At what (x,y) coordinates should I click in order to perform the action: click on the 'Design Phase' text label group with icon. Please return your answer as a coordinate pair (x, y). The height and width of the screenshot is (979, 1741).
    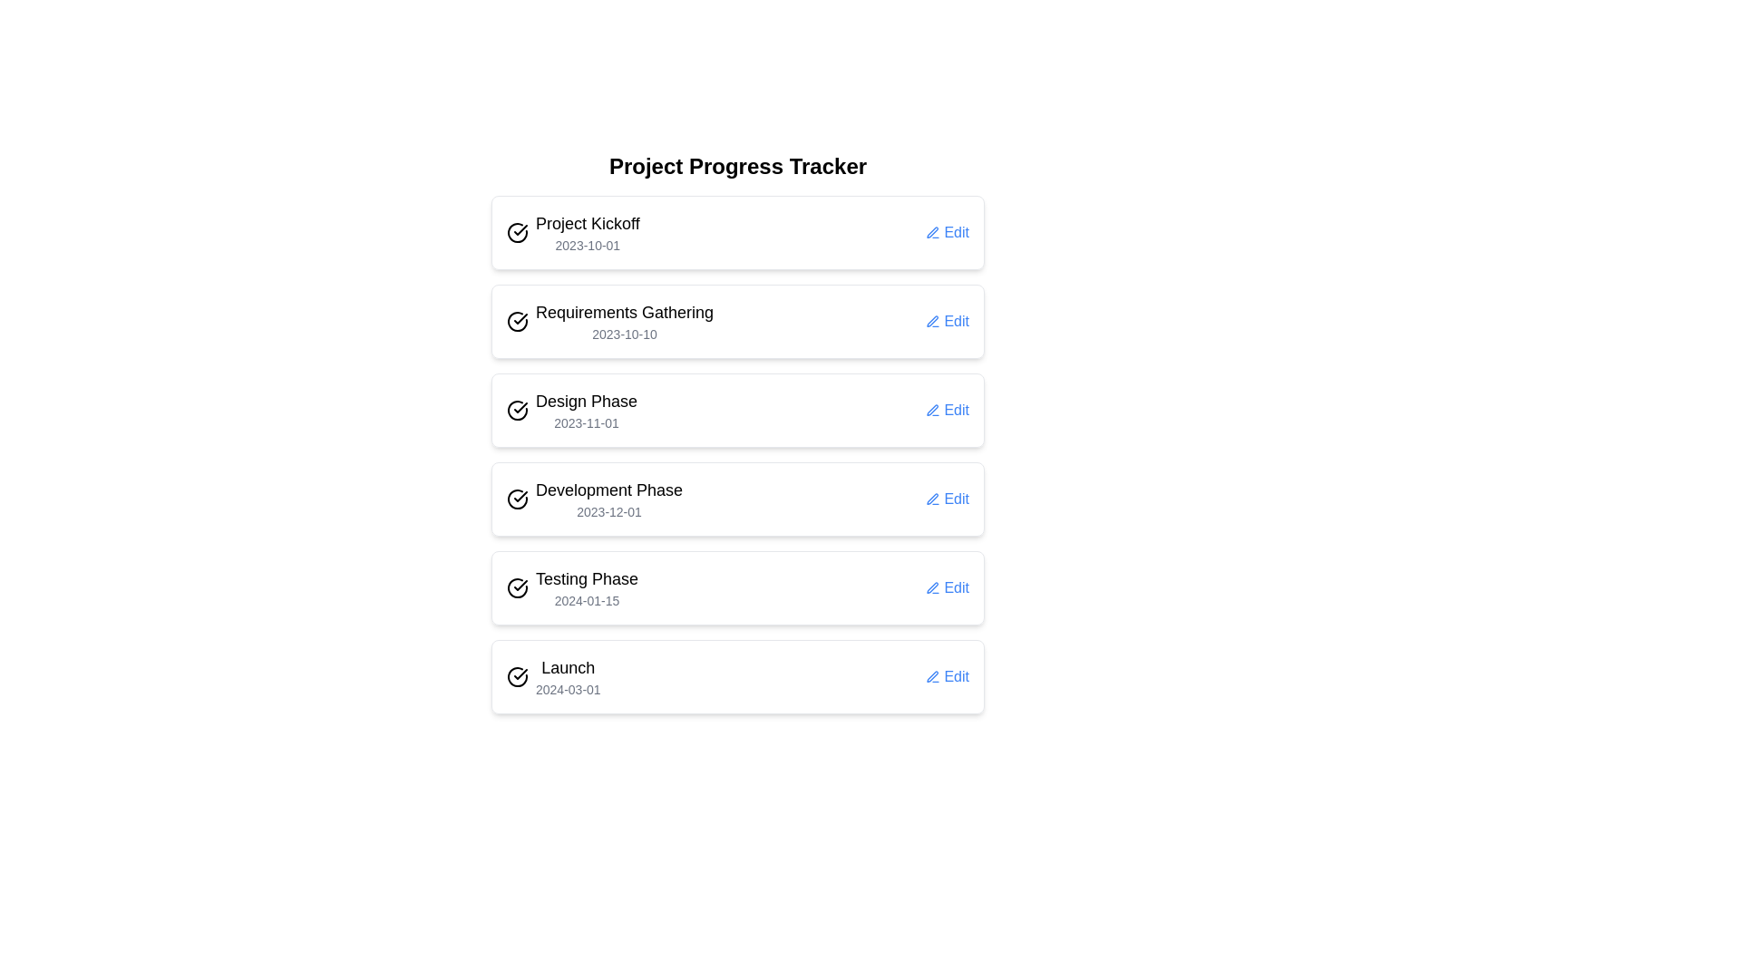
    Looking at the image, I should click on (571, 410).